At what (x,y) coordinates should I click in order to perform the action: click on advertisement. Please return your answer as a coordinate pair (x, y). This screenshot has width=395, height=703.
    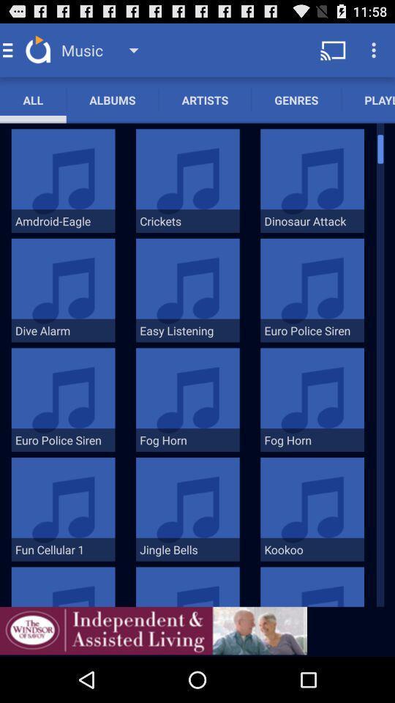
    Looking at the image, I should click on (153, 630).